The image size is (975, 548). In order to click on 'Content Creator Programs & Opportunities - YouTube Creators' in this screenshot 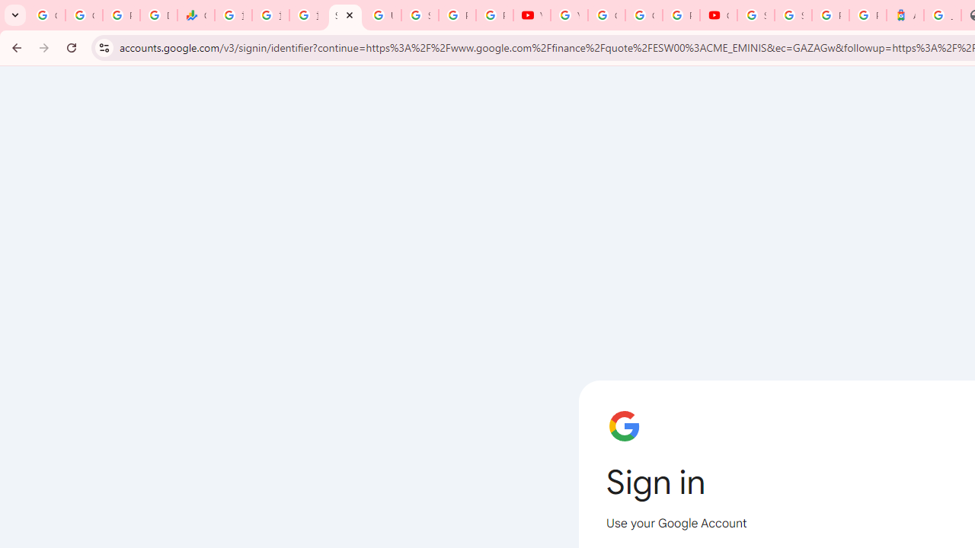, I will do `click(718, 15)`.